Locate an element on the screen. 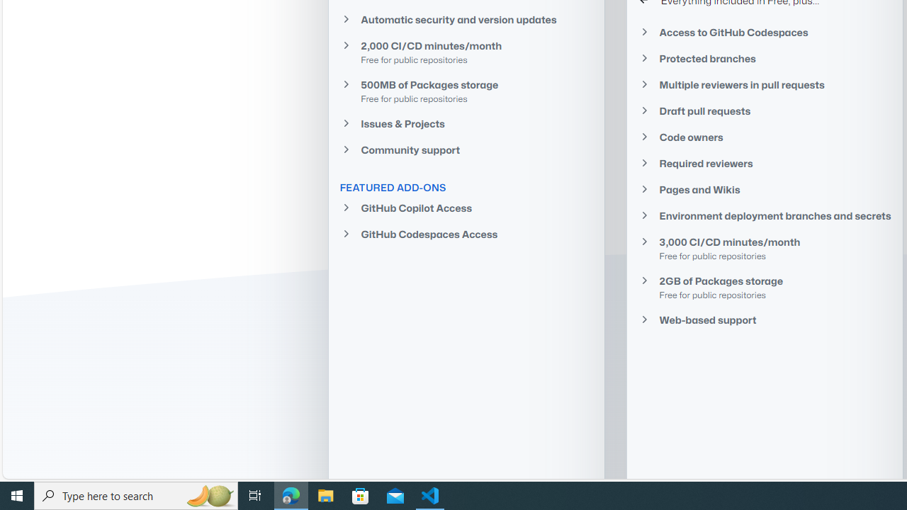 Image resolution: width=907 pixels, height=510 pixels. 'GitHub Codespaces Access' is located at coordinates (466, 233).